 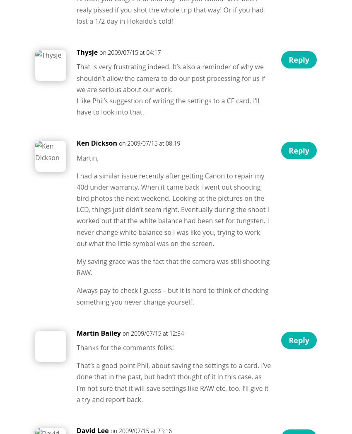 What do you see at coordinates (171, 78) in the screenshot?
I see `'That is very frustrating indeed. It’s also a reminder of why we shouldn’t allow the camera to do our post processing for us if we are serious about our work.'` at bounding box center [171, 78].